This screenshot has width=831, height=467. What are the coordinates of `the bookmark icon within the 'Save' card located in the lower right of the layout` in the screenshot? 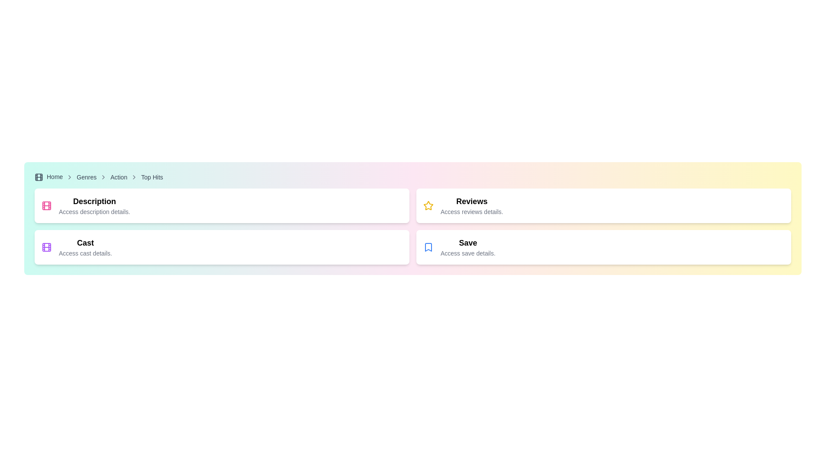 It's located at (428, 247).